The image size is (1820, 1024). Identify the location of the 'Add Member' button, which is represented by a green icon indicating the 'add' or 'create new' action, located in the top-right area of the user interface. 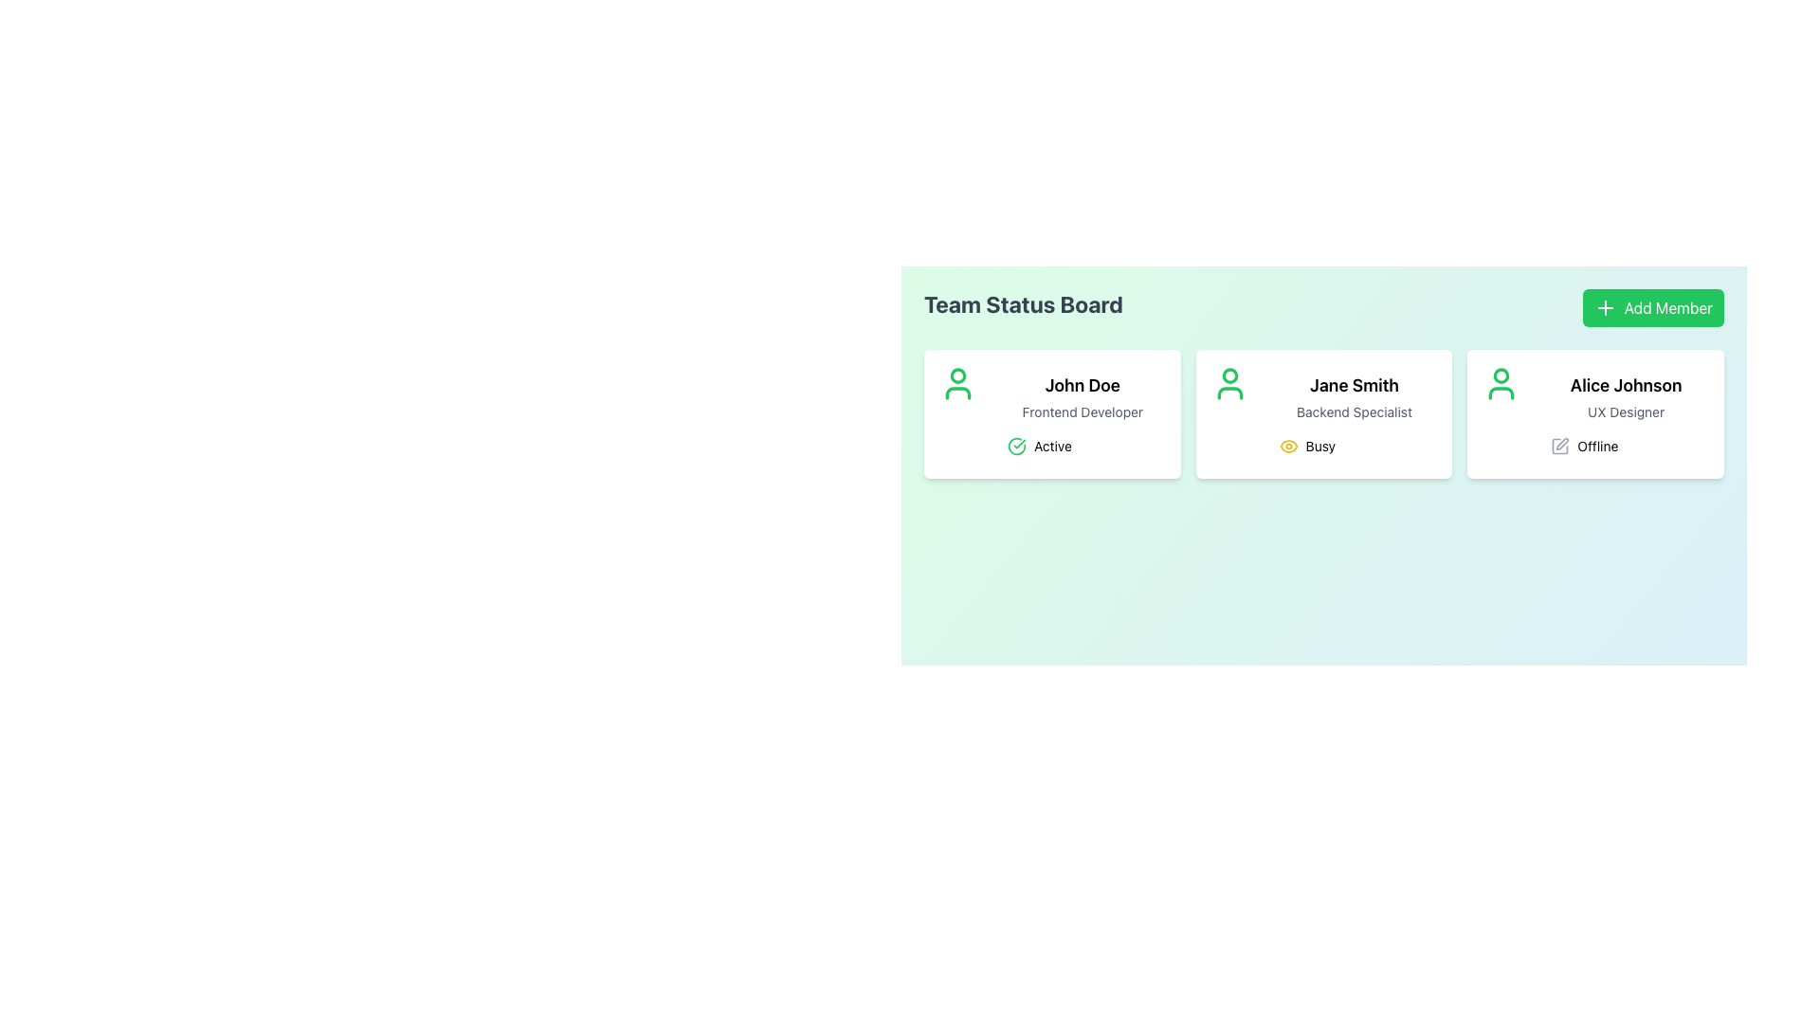
(1604, 306).